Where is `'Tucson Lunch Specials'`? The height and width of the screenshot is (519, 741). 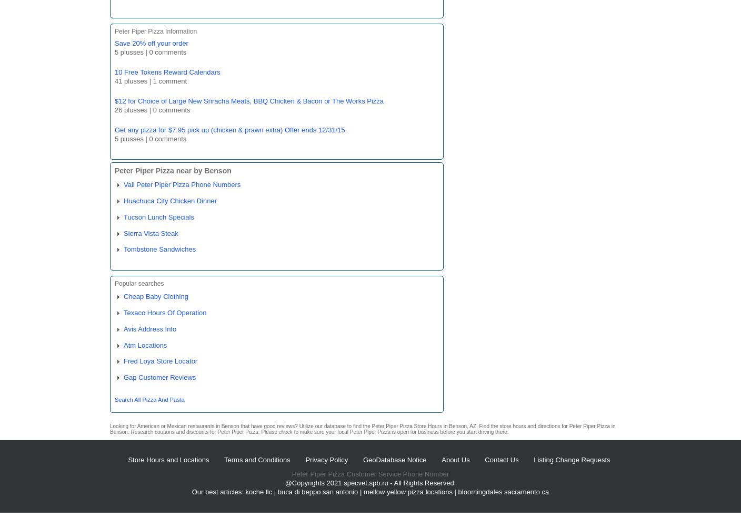 'Tucson Lunch Specials' is located at coordinates (158, 216).